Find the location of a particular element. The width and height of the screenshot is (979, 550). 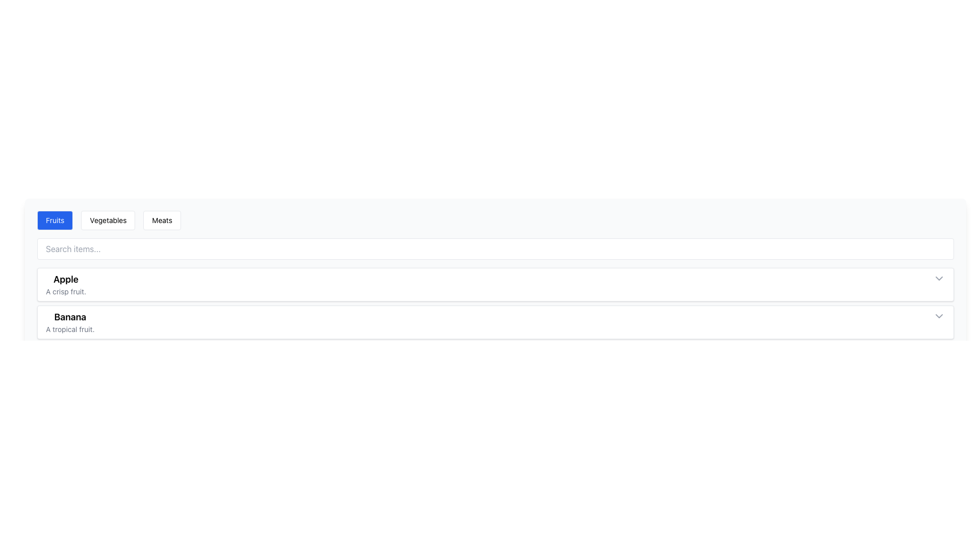

the search input field located below the buttons labeled 'Fruits', 'Vegetables', 'Meats' to focus on it is located at coordinates (495, 249).